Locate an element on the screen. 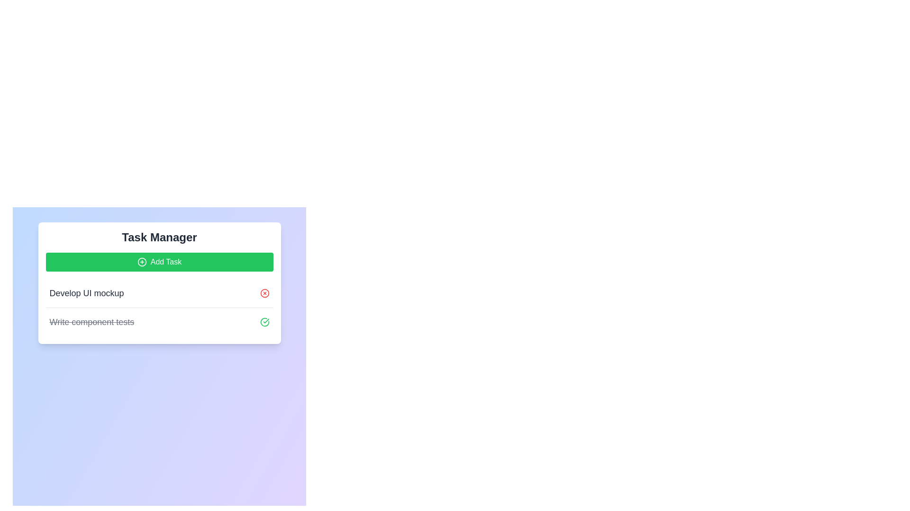 The height and width of the screenshot is (511, 910). the task title or description element located in the second section of the interface, below the 'Task Manager' title and adjacent to the red delete icon is located at coordinates (86, 293).